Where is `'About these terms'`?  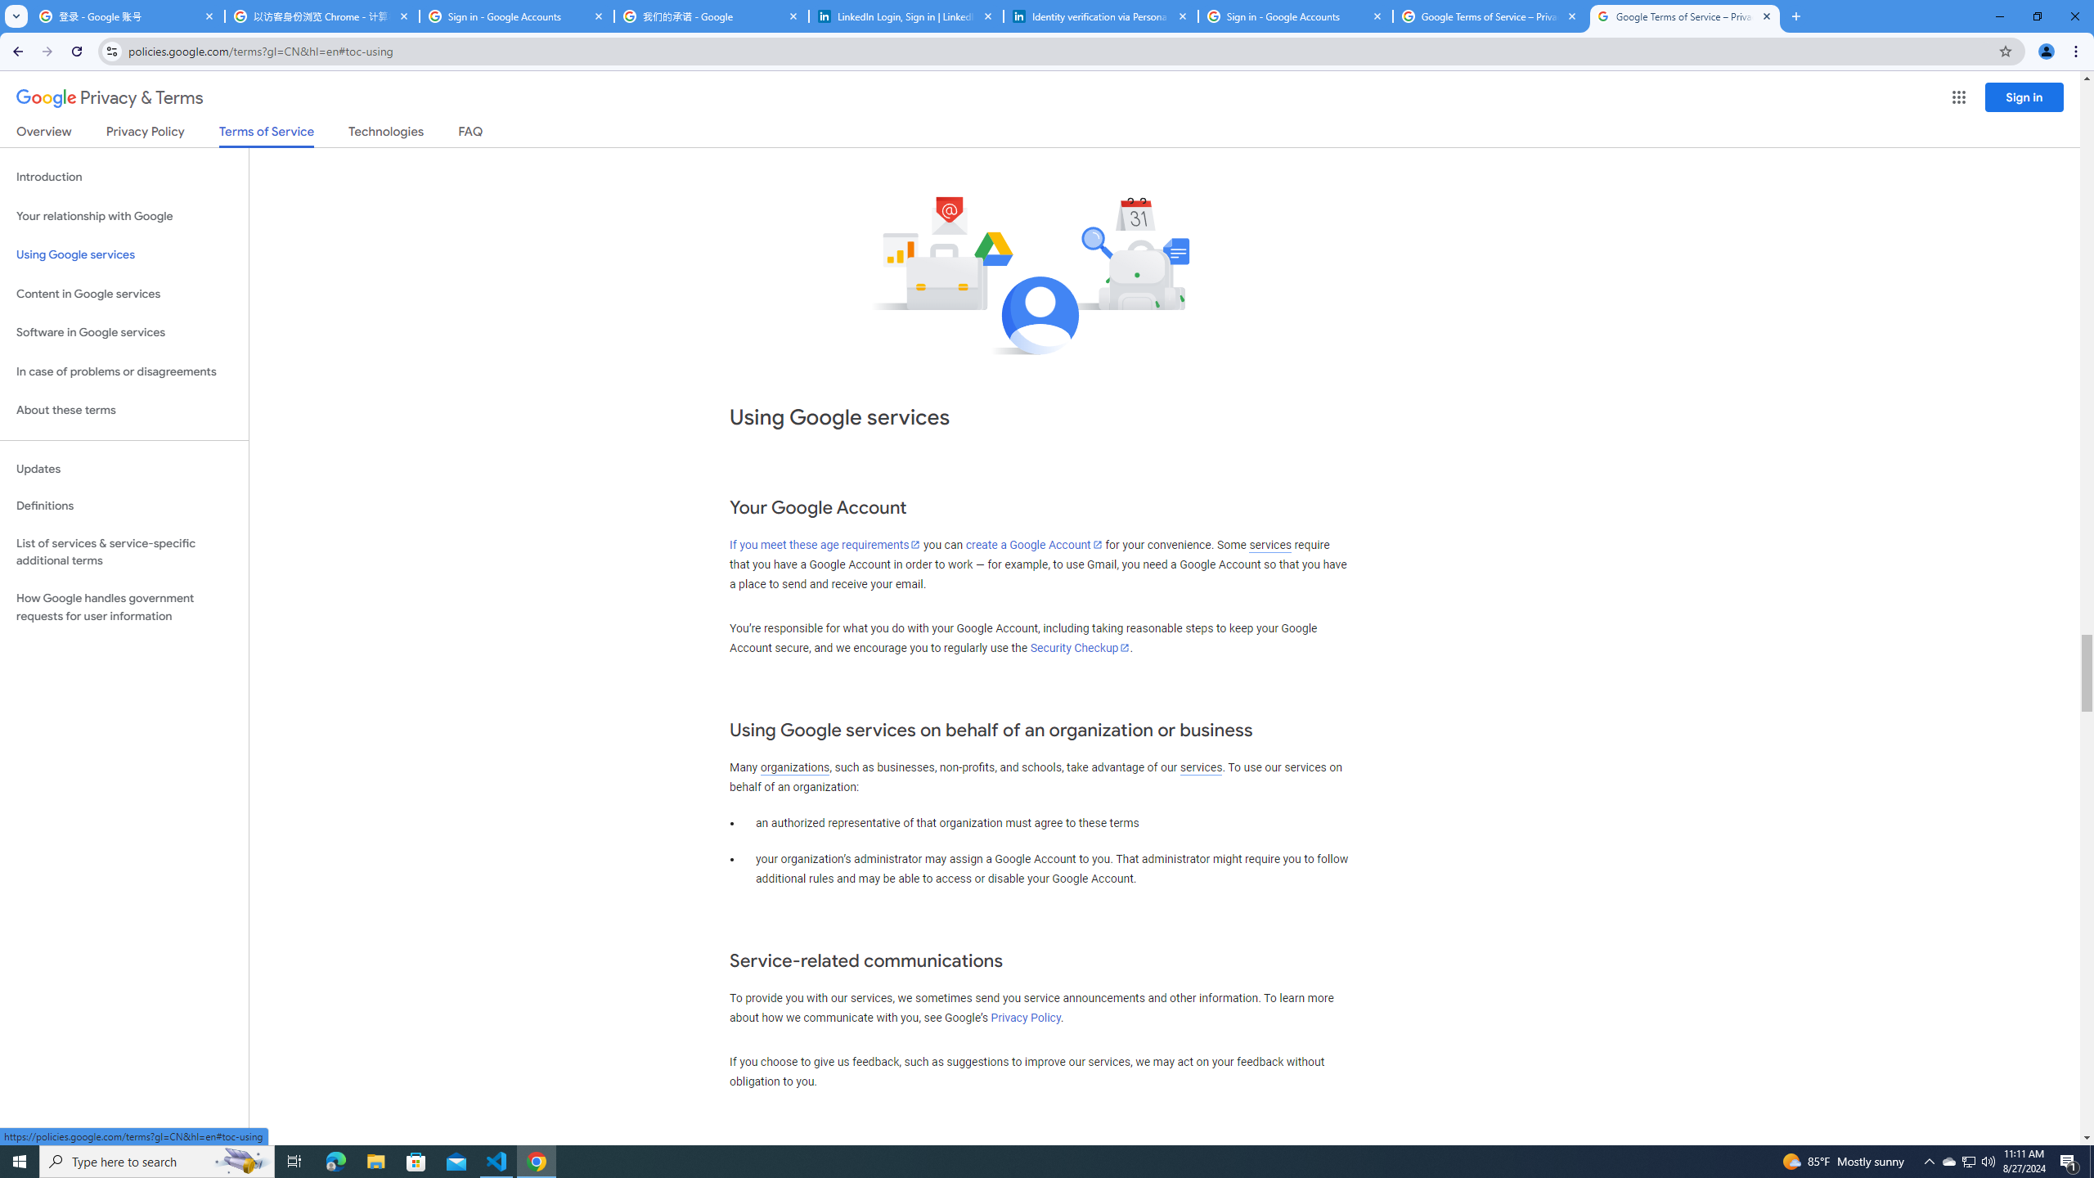
'About these terms' is located at coordinates (124, 410).